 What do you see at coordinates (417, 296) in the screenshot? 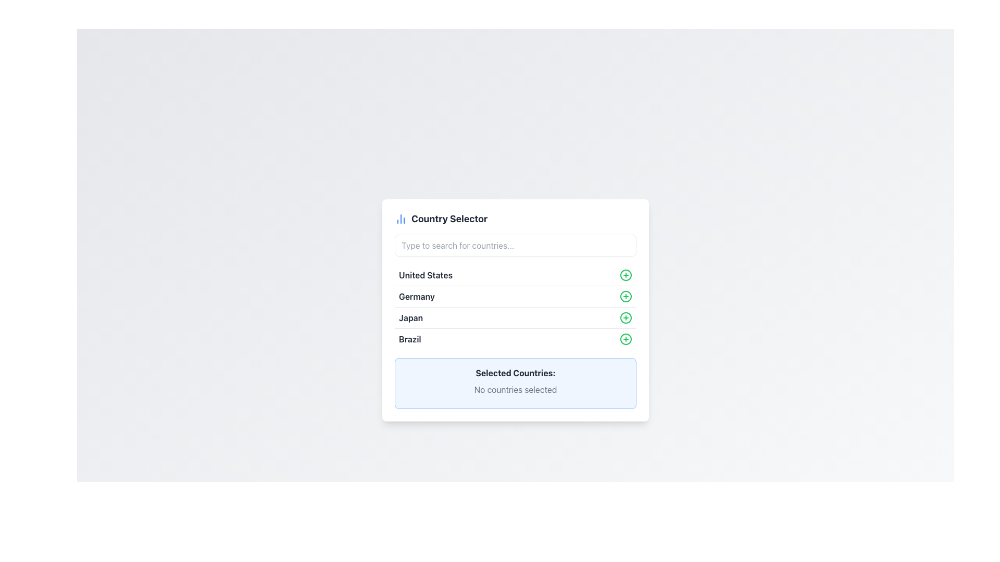
I see `the text label displaying 'Germany', which is the second entry in the country selection list` at bounding box center [417, 296].